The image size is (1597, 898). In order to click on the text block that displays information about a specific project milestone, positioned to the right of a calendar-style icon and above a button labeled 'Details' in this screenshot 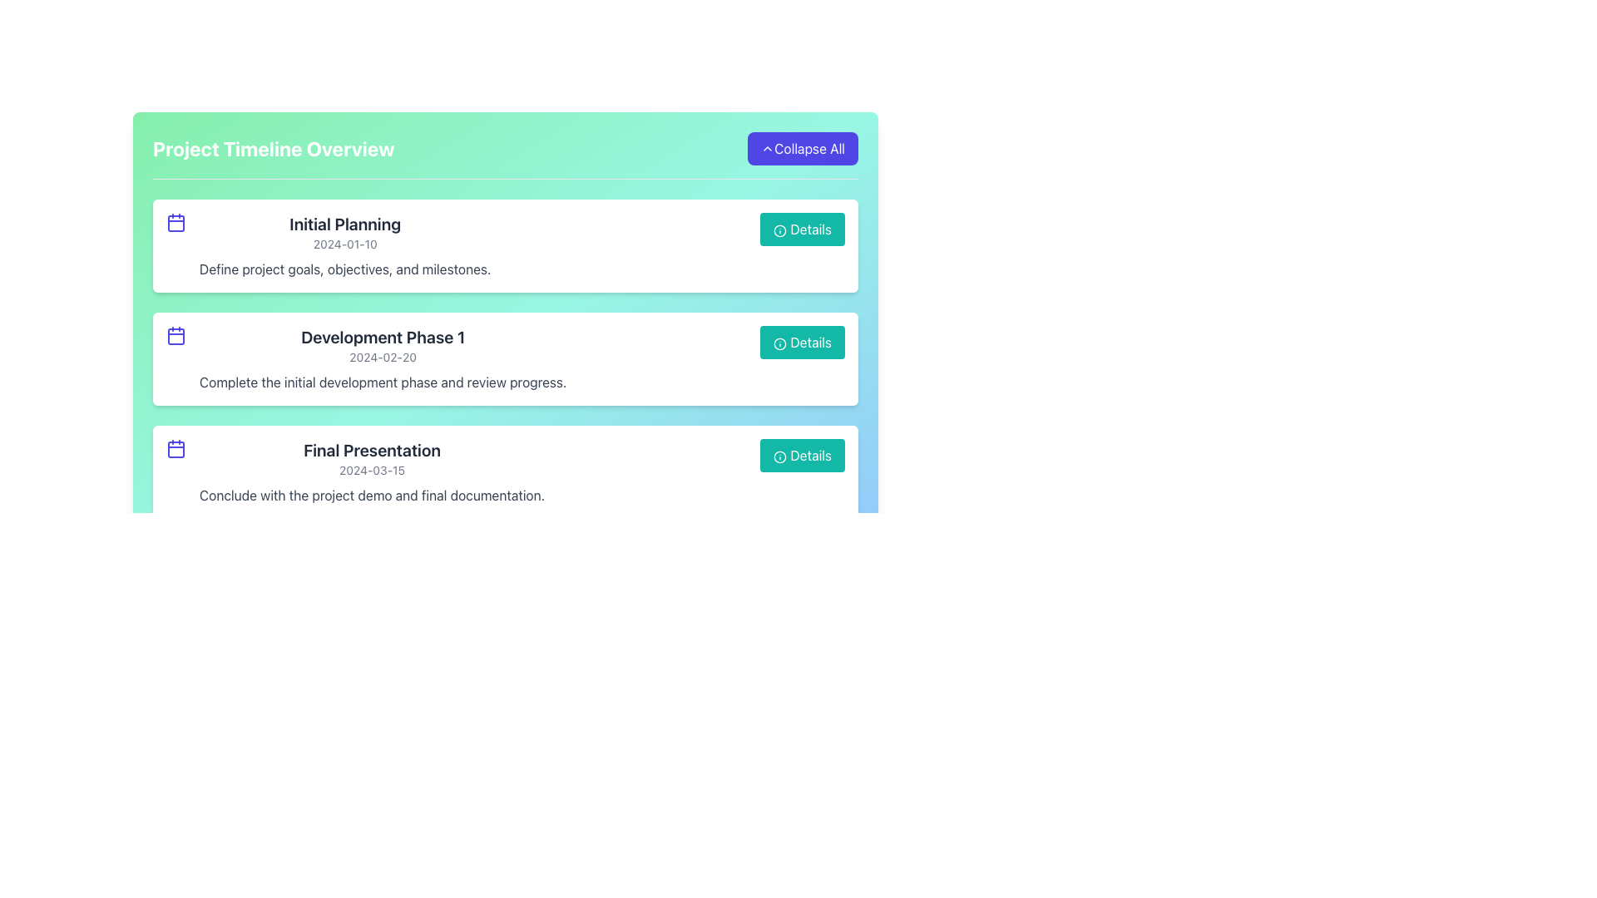, I will do `click(344, 246)`.